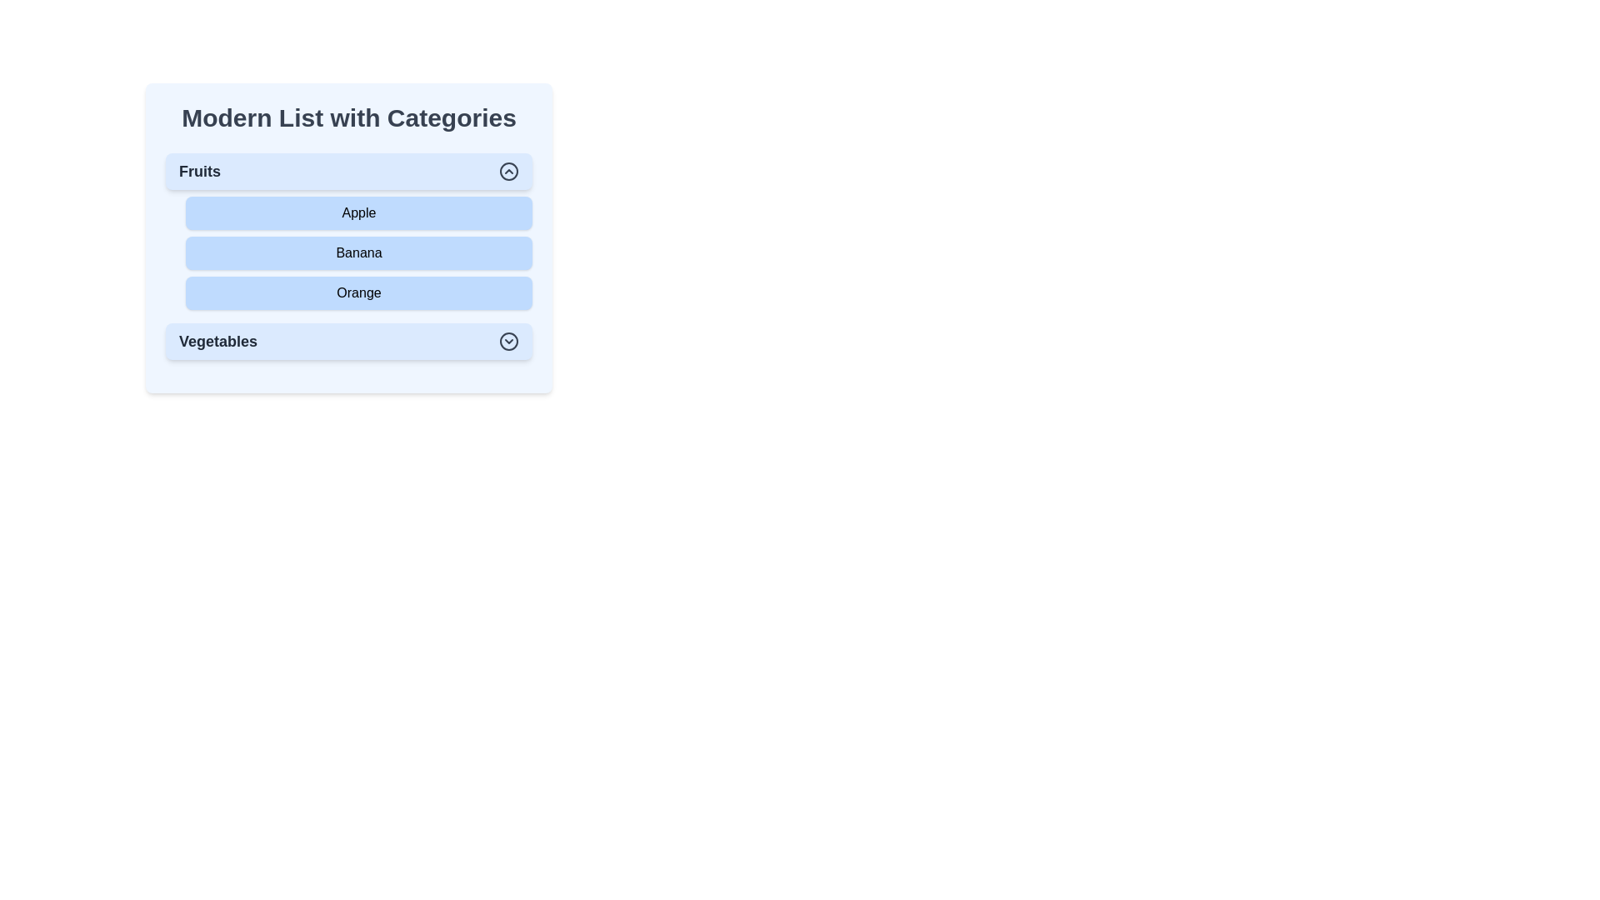 This screenshot has height=900, width=1600. Describe the element at coordinates (358, 212) in the screenshot. I see `the item Apple from the list` at that location.